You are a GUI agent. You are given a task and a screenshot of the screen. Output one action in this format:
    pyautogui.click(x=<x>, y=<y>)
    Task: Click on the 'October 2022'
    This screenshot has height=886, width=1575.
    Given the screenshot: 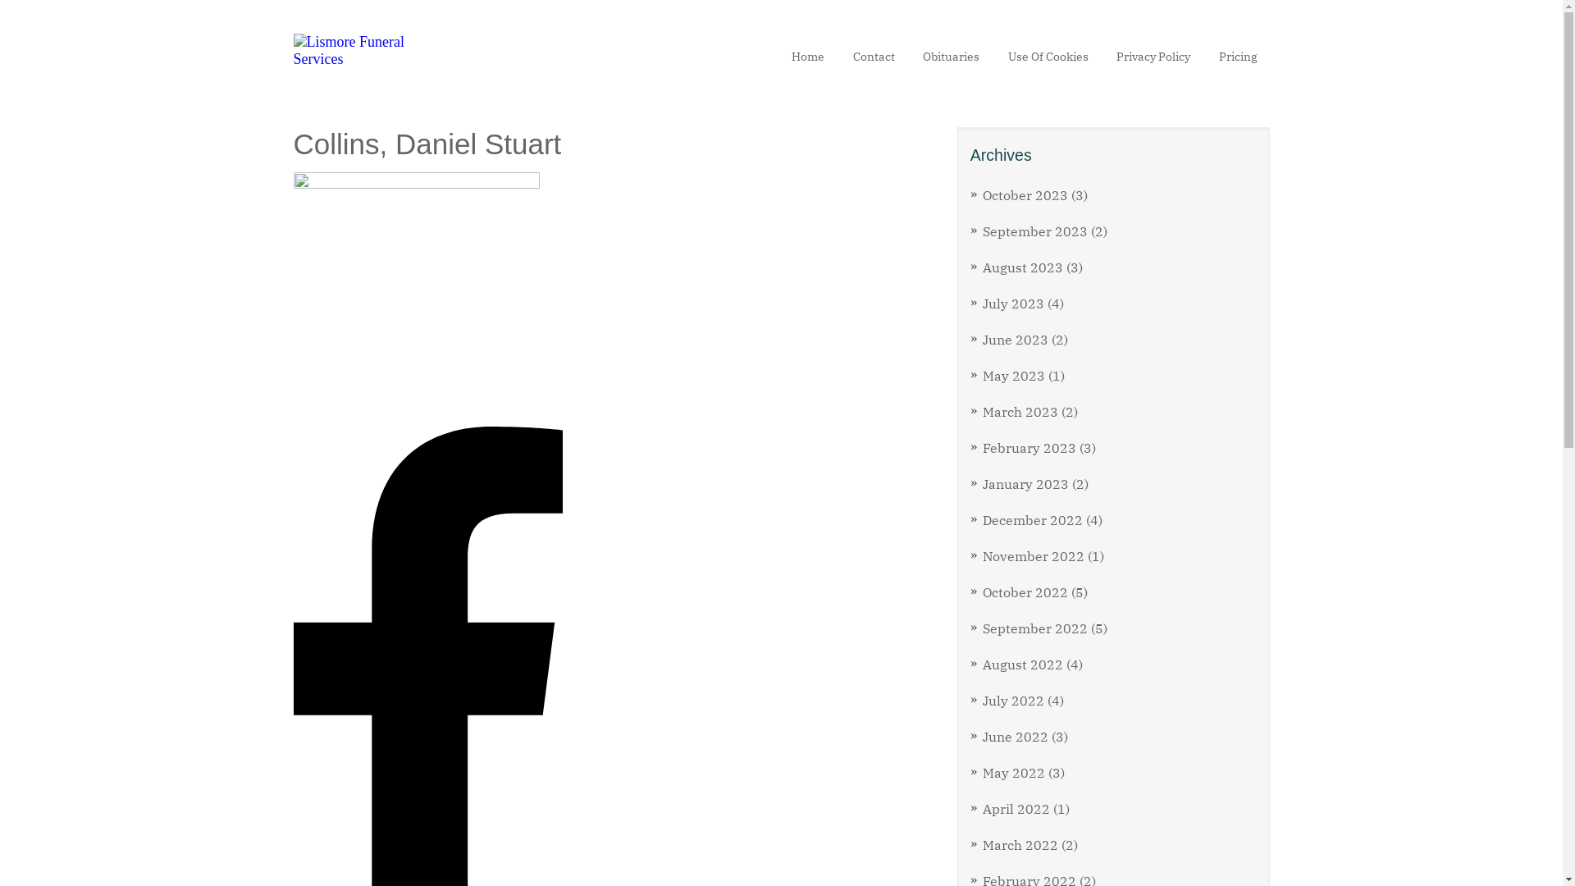 What is the action you would take?
    pyautogui.click(x=1024, y=591)
    